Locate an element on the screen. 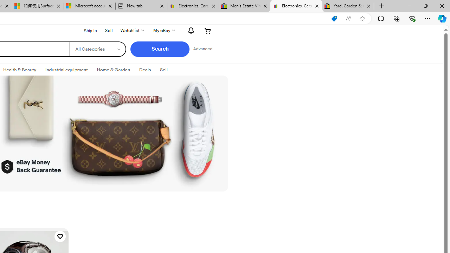  'Advanced Search' is located at coordinates (202, 49).